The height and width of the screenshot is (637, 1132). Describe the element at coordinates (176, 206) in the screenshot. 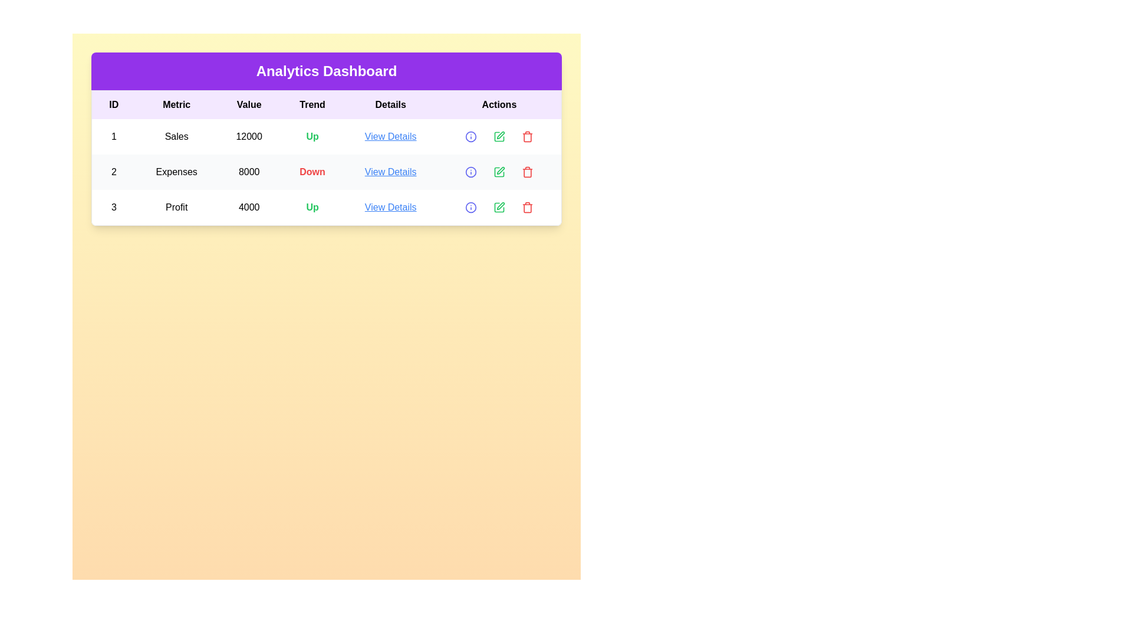

I see `the 'Profit' data label in the table, which is located in the 'Metric' column of the third row, positioned between the '3' ID value and the '4000' Value` at that location.